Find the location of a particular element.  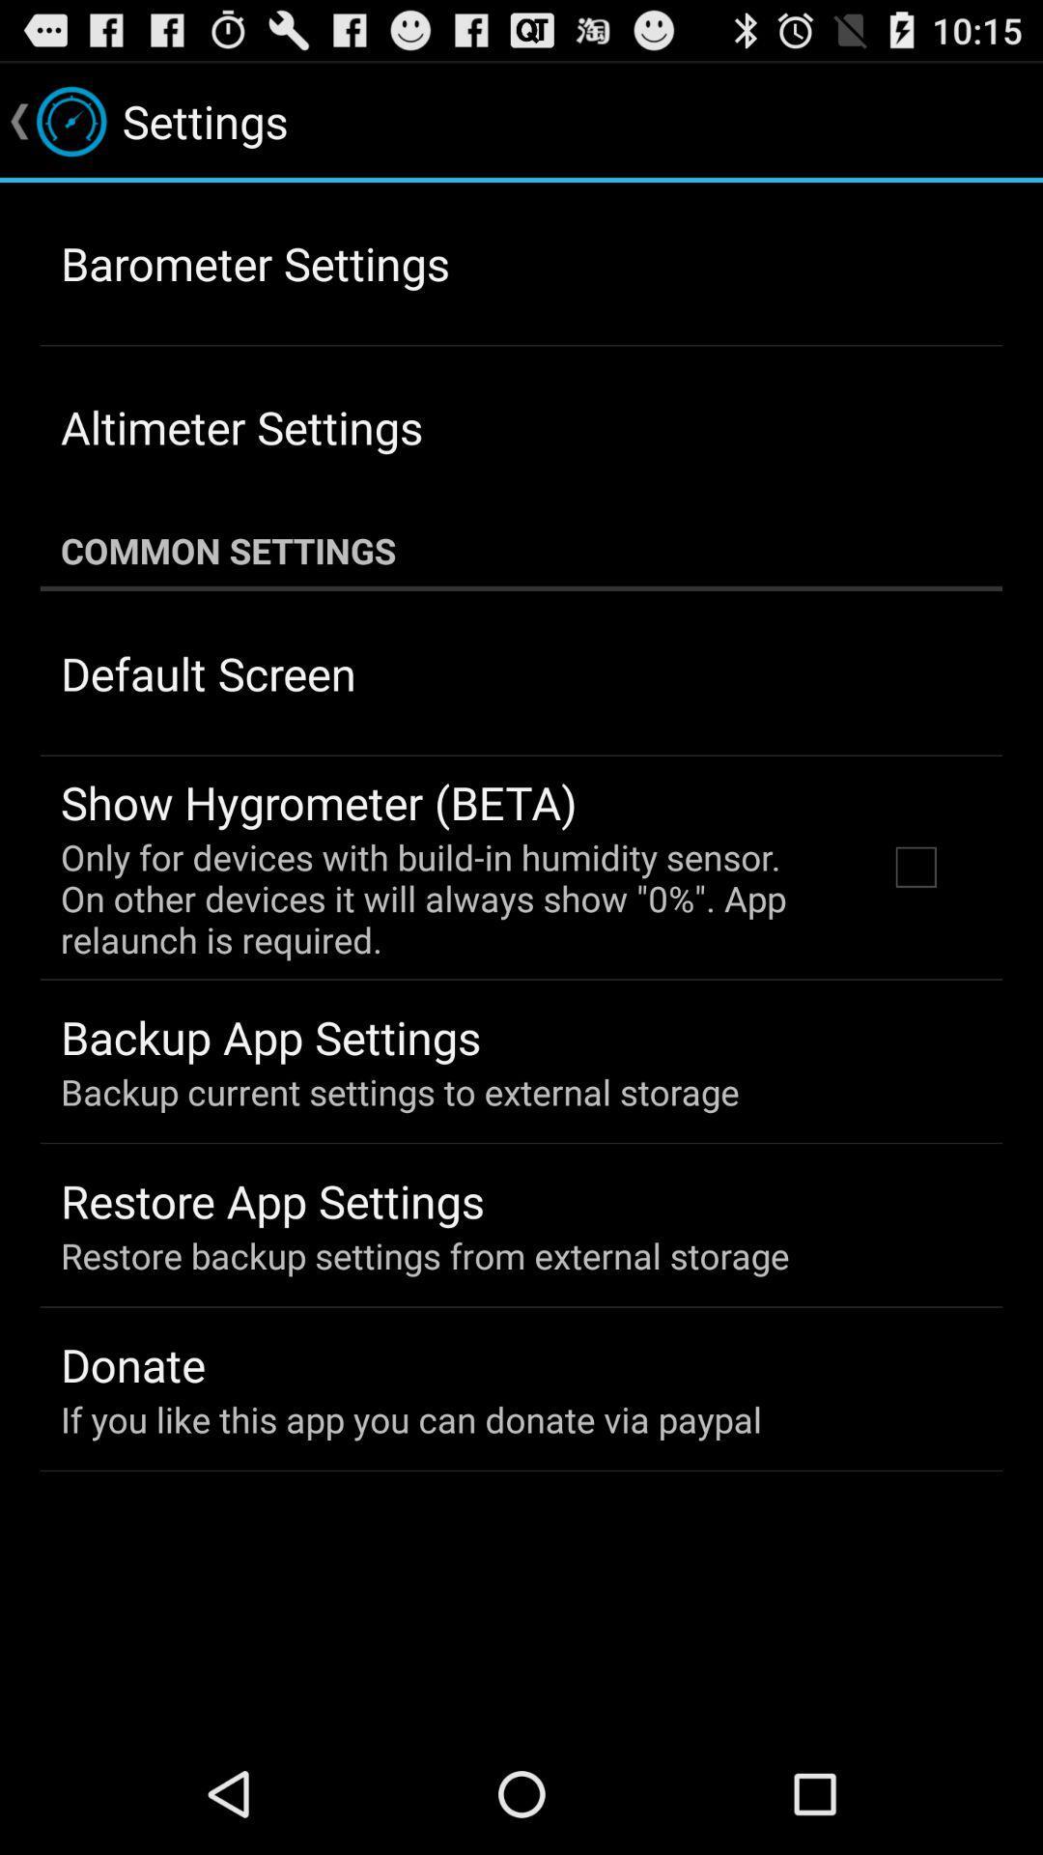

checkbox on the right is located at coordinates (915, 866).